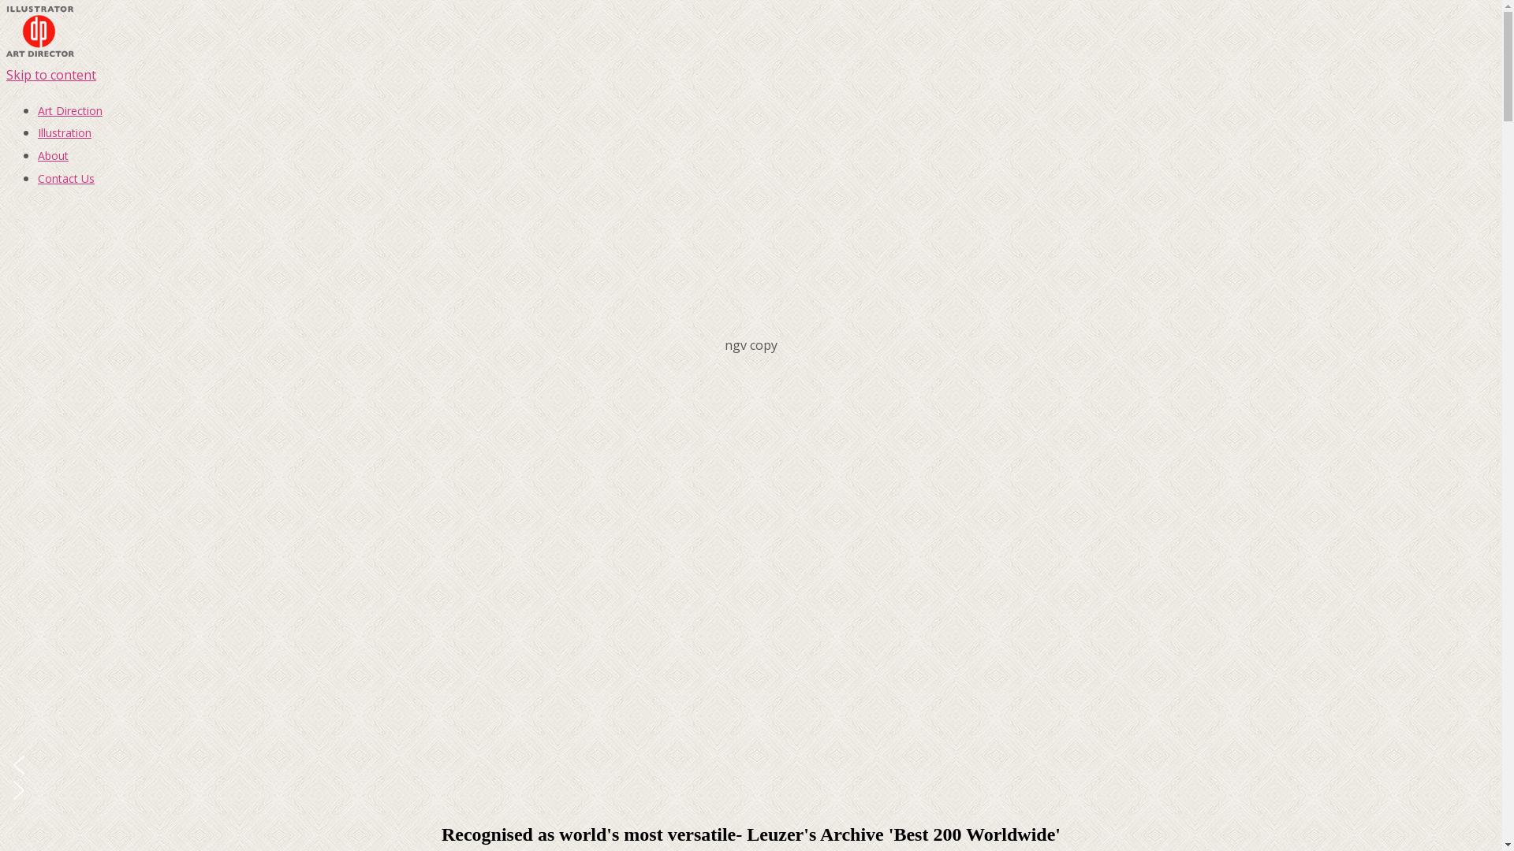  Describe the element at coordinates (69, 110) in the screenshot. I see `'Art Direction'` at that location.